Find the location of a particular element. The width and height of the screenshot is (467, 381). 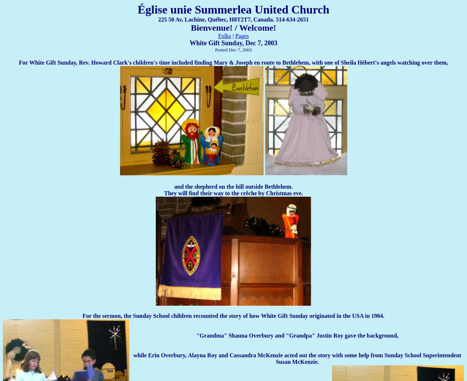

'White Gift Sunday, Dec 7, 2003' is located at coordinates (233, 43).